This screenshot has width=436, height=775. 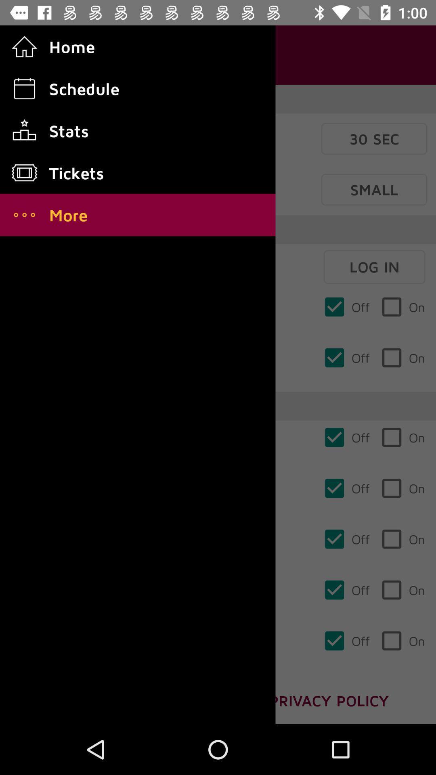 What do you see at coordinates (346, 539) in the screenshot?
I see `the third check box from the bottom which says off` at bounding box center [346, 539].